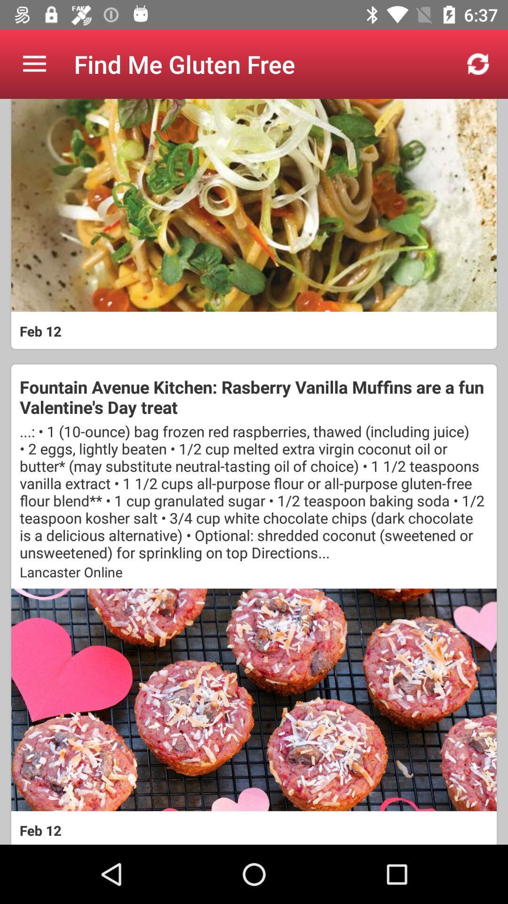  Describe the element at coordinates (254, 397) in the screenshot. I see `the fountain avenue kitchen item` at that location.